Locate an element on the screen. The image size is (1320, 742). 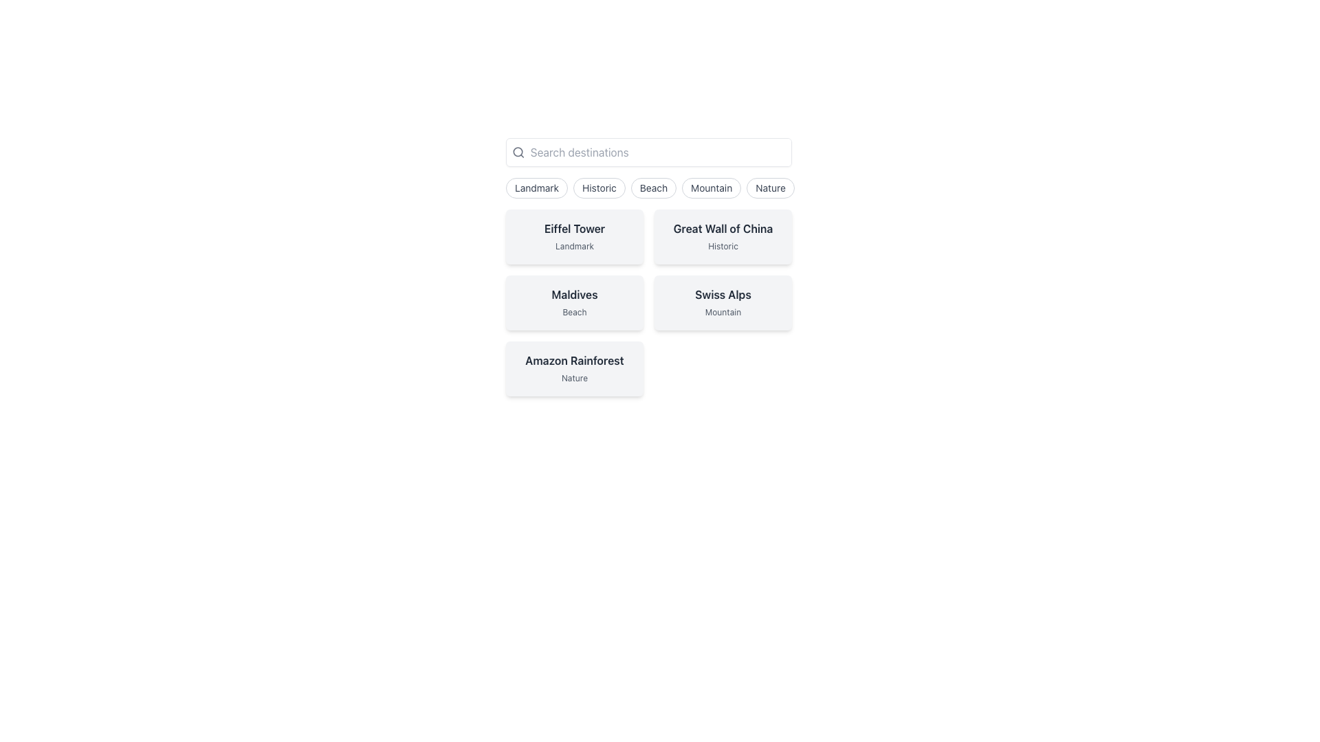
the pill-shaped button labeled 'Nature' with a light gray border and white background is located at coordinates (771, 188).